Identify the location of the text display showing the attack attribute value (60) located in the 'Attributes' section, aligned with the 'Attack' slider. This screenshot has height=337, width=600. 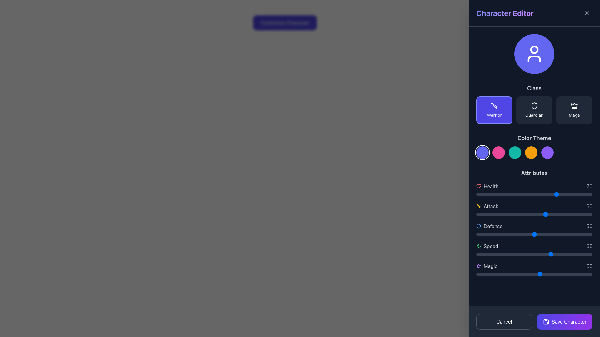
(589, 206).